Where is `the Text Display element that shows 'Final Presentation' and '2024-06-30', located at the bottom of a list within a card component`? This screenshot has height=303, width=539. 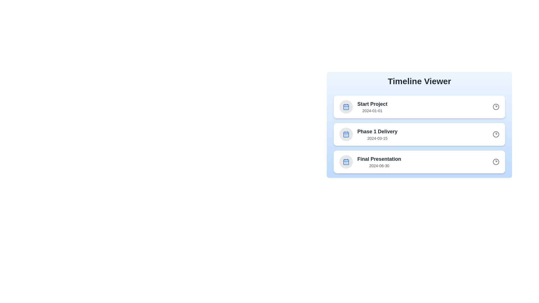
the Text Display element that shows 'Final Presentation' and '2024-06-30', located at the bottom of a list within a card component is located at coordinates (379, 162).